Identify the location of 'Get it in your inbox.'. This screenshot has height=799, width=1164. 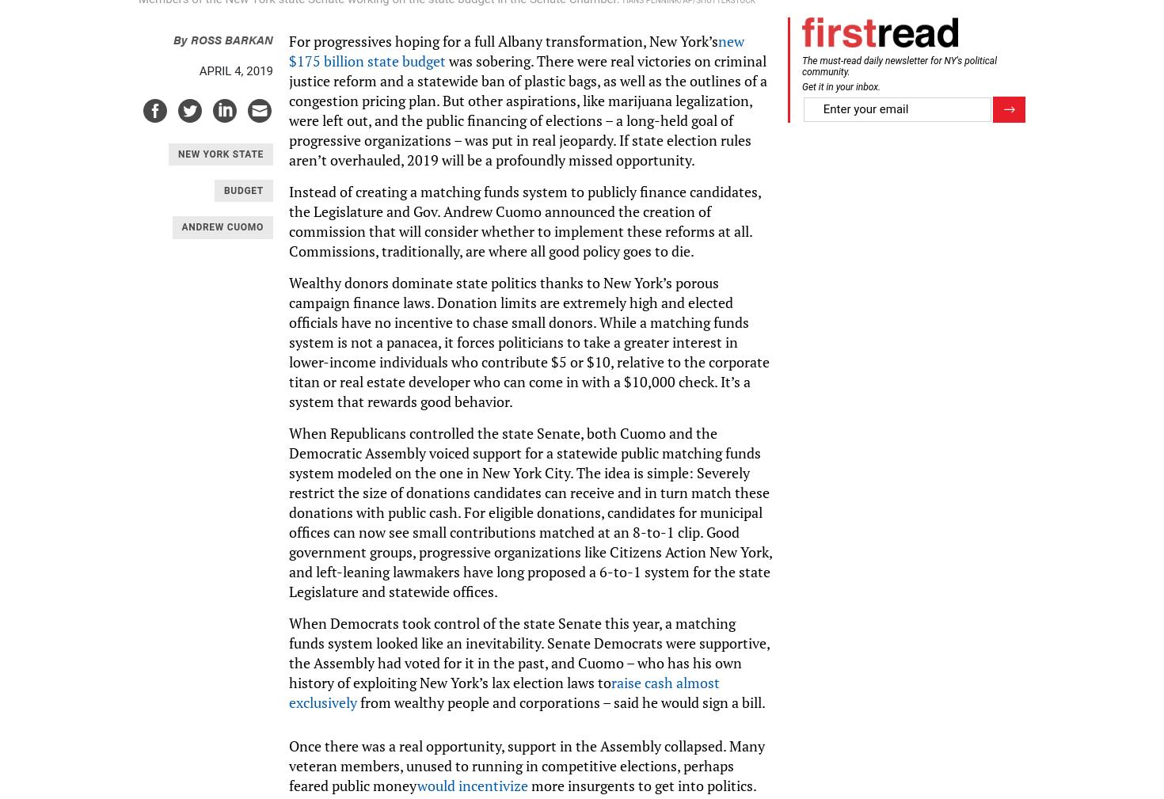
(840, 85).